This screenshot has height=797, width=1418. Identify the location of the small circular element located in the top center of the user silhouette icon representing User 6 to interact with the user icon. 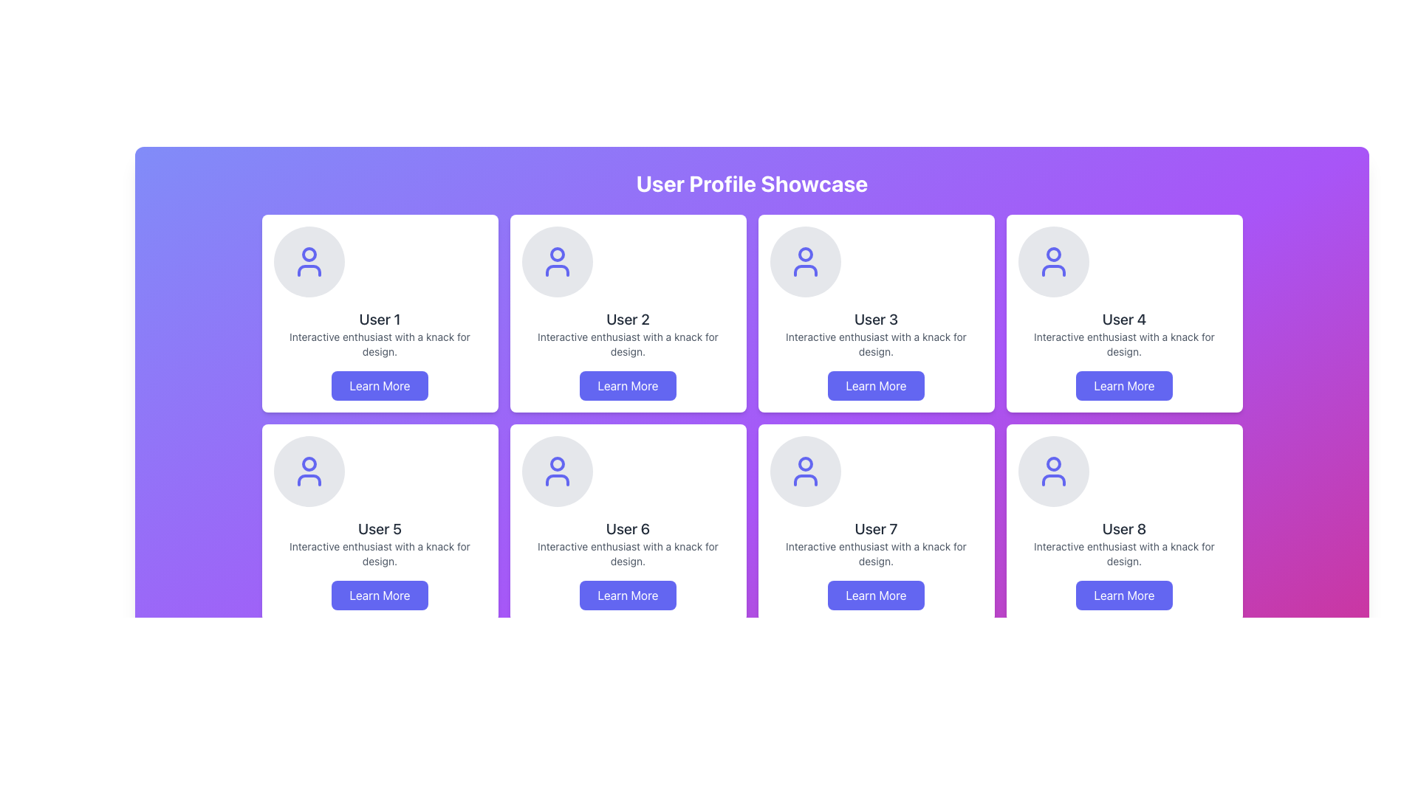
(556, 463).